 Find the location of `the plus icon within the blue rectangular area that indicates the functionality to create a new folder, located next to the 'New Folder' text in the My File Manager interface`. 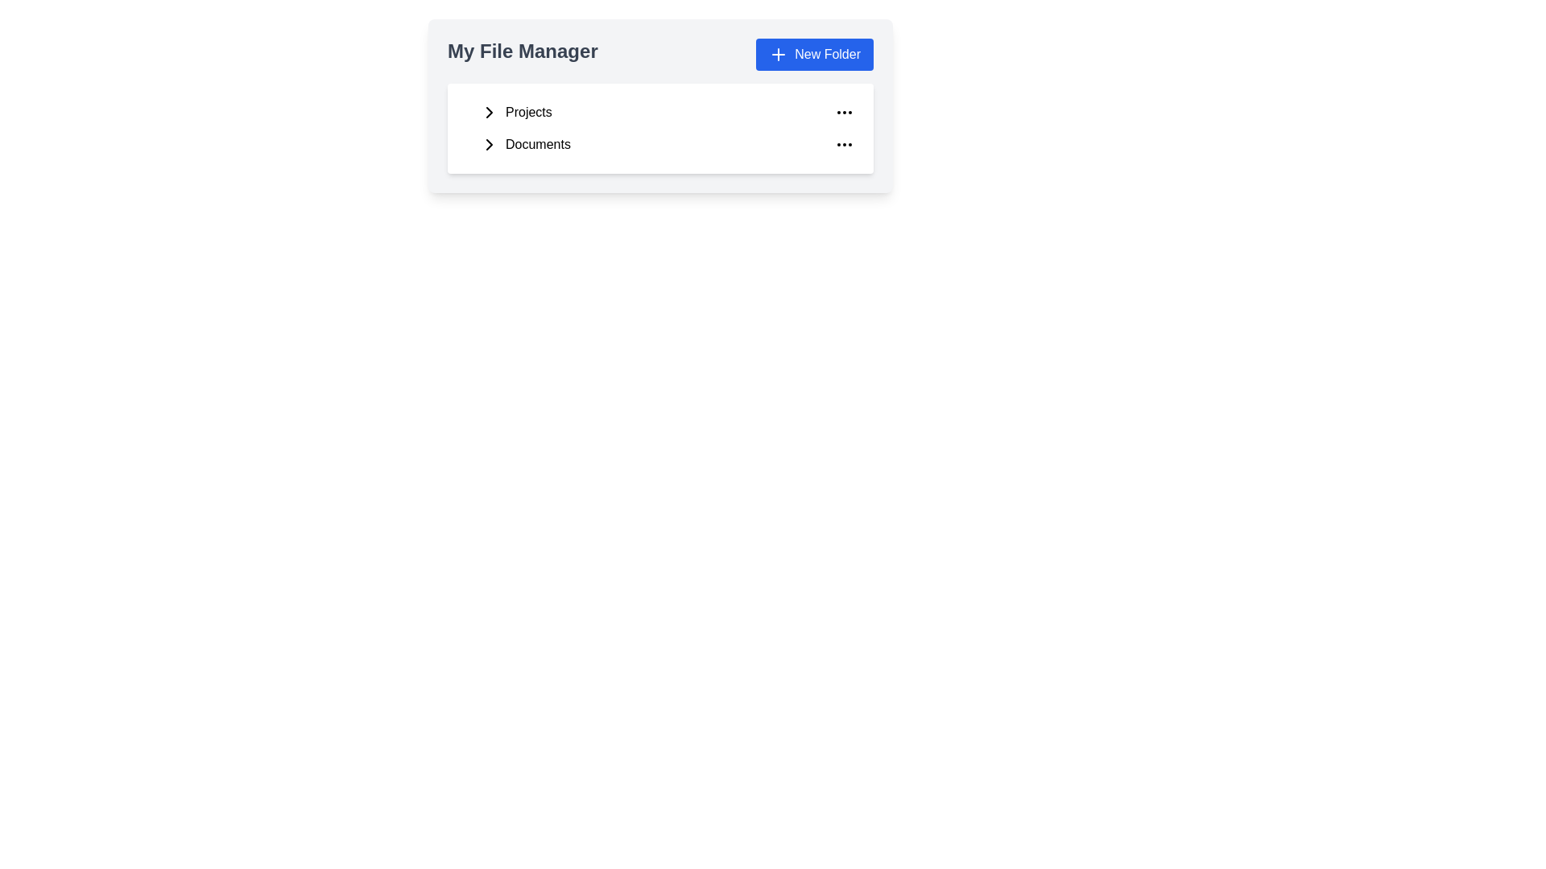

the plus icon within the blue rectangular area that indicates the functionality to create a new folder, located next to the 'New Folder' text in the My File Manager interface is located at coordinates (779, 54).